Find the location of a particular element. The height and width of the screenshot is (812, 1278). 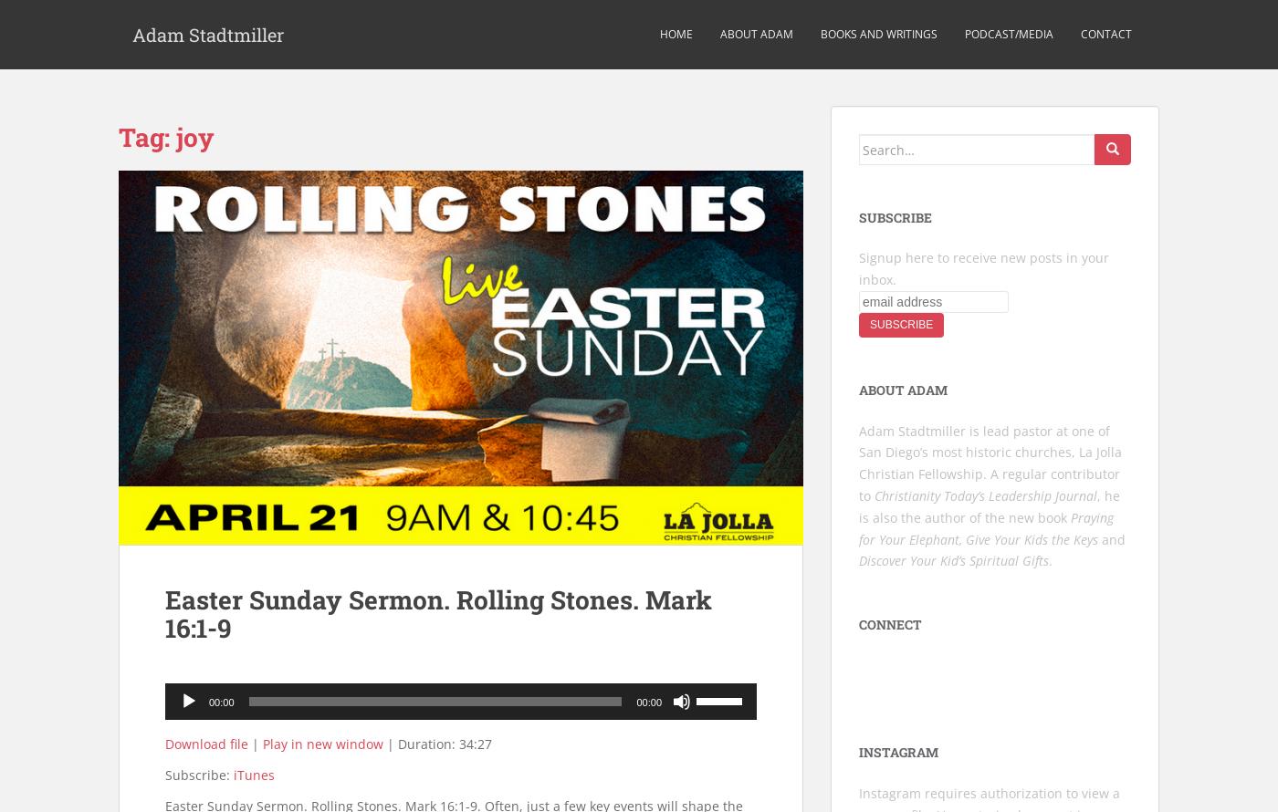

'Duration: 34:27' is located at coordinates (445, 744).